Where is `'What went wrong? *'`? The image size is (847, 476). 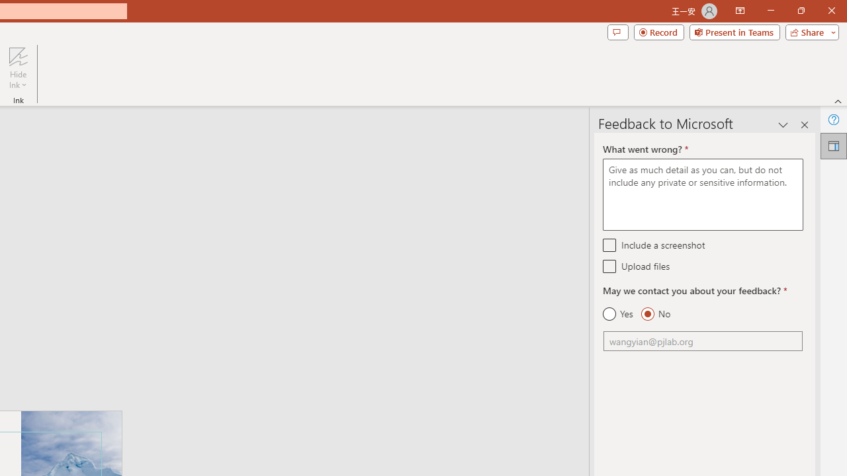 'What went wrong? *' is located at coordinates (702, 194).